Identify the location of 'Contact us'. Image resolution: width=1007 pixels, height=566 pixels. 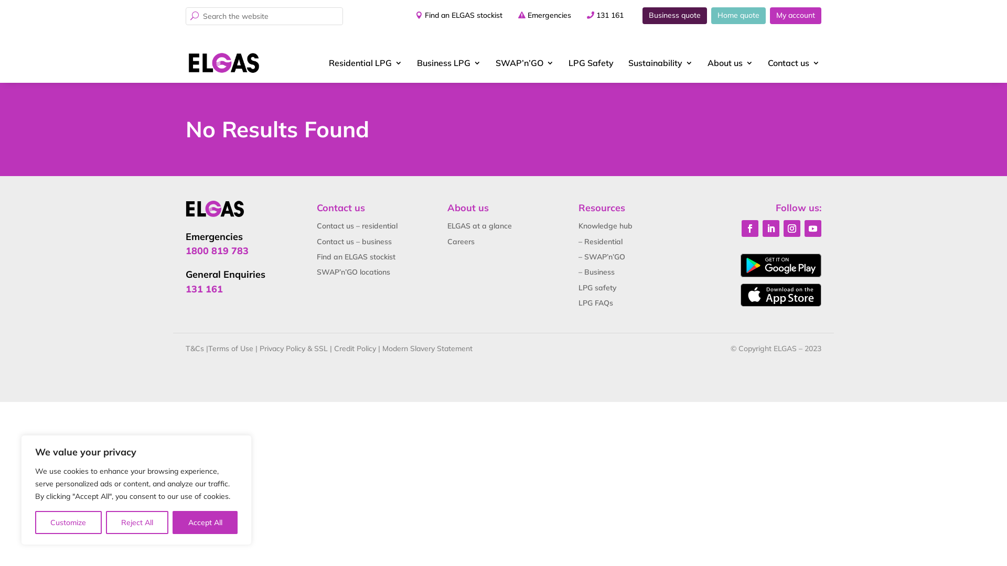
(794, 62).